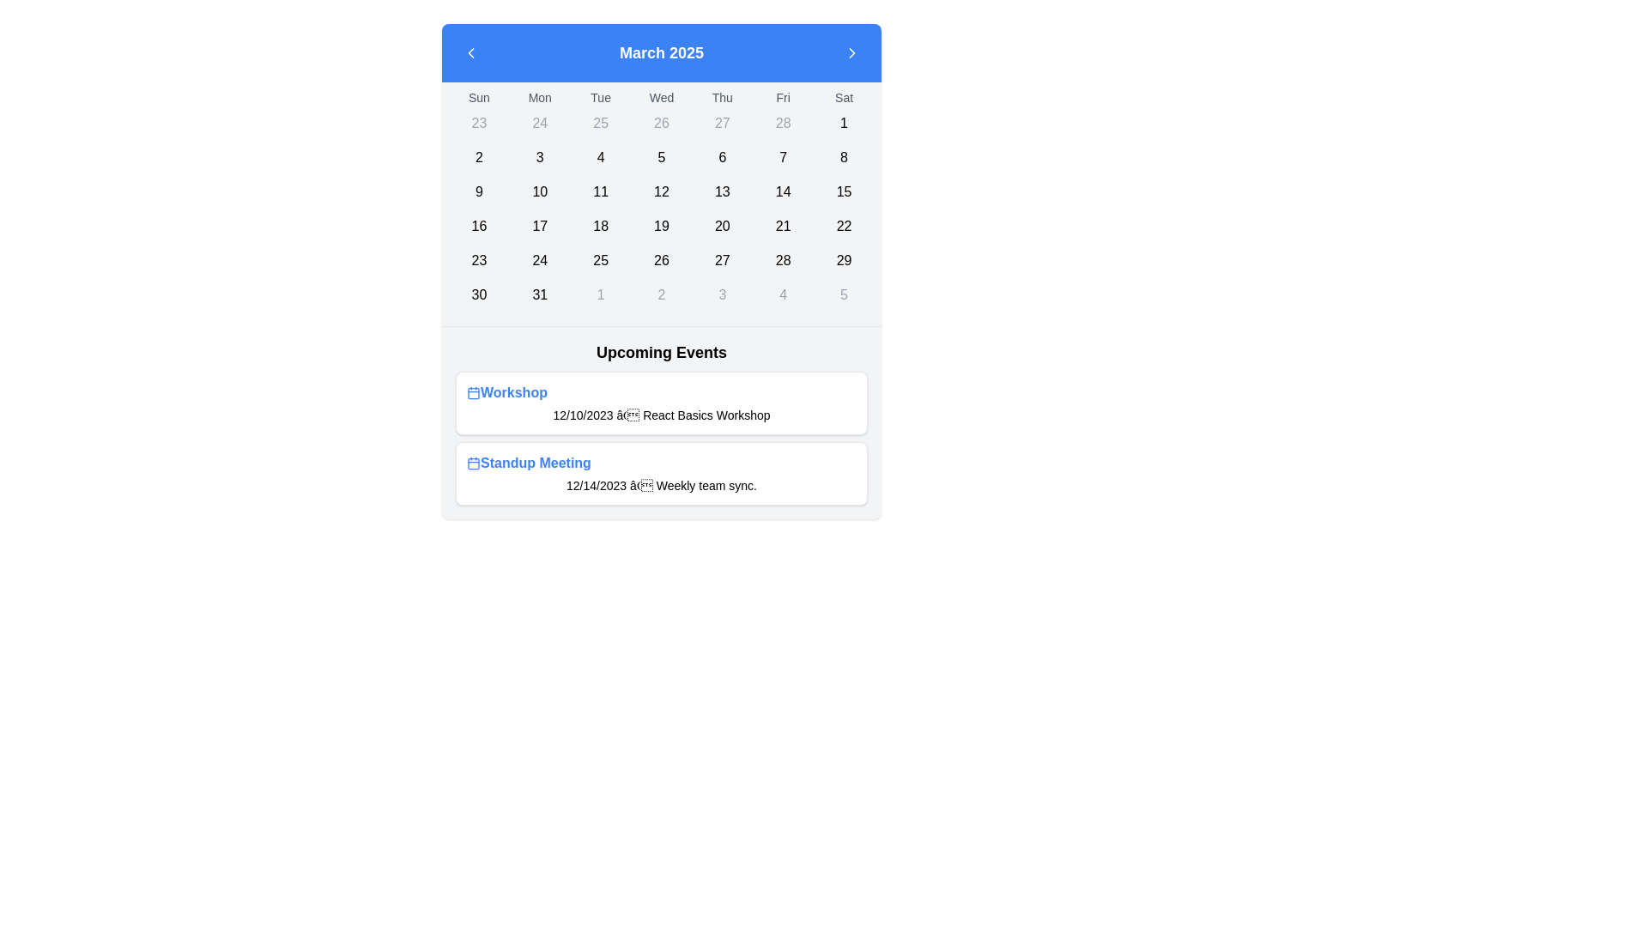 Image resolution: width=1648 pixels, height=927 pixels. What do you see at coordinates (661, 122) in the screenshot?
I see `the calendar day cell displaying the number '26' in light gray` at bounding box center [661, 122].